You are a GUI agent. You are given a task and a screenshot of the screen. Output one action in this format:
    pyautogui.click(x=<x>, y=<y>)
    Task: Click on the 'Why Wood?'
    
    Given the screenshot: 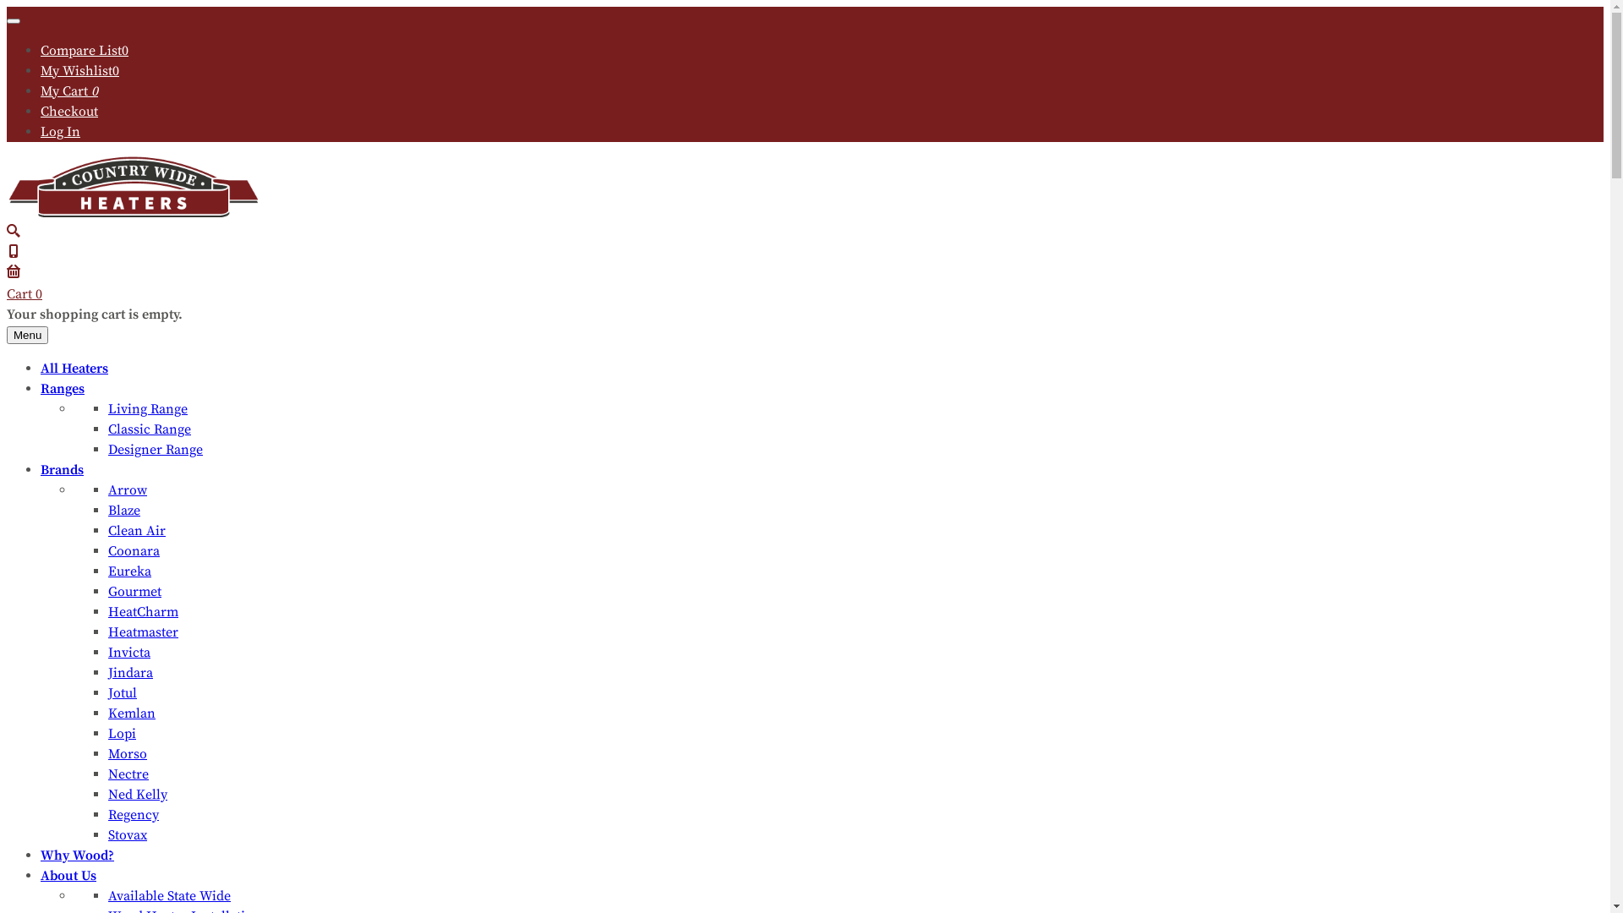 What is the action you would take?
    pyautogui.click(x=76, y=855)
    